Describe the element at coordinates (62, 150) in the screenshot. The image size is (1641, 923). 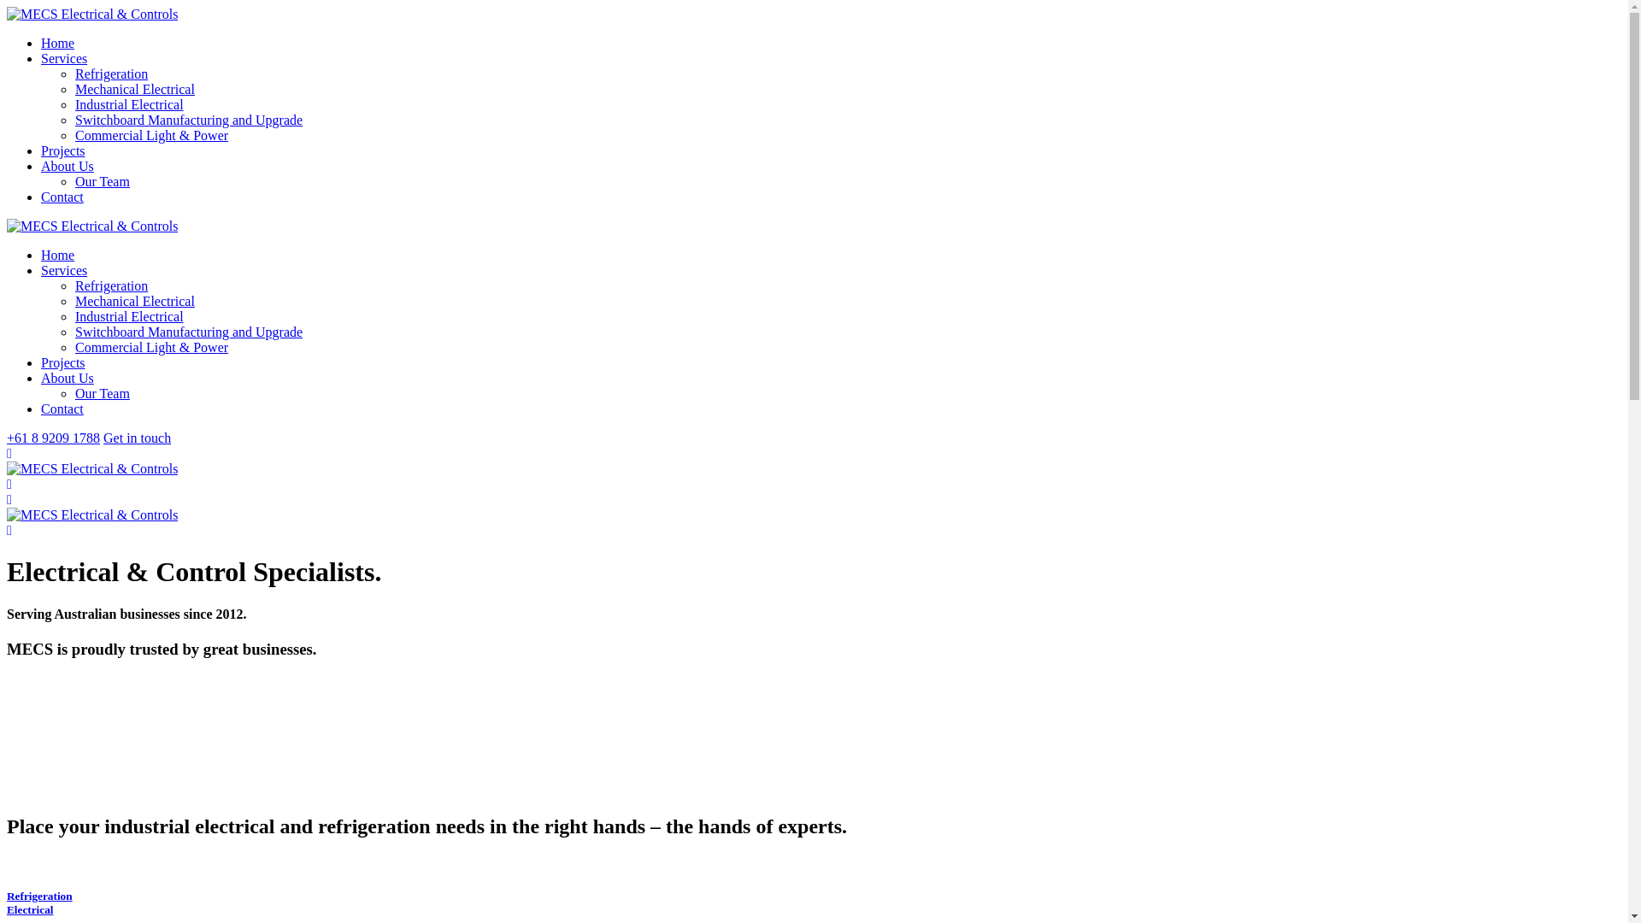
I see `'Projects'` at that location.